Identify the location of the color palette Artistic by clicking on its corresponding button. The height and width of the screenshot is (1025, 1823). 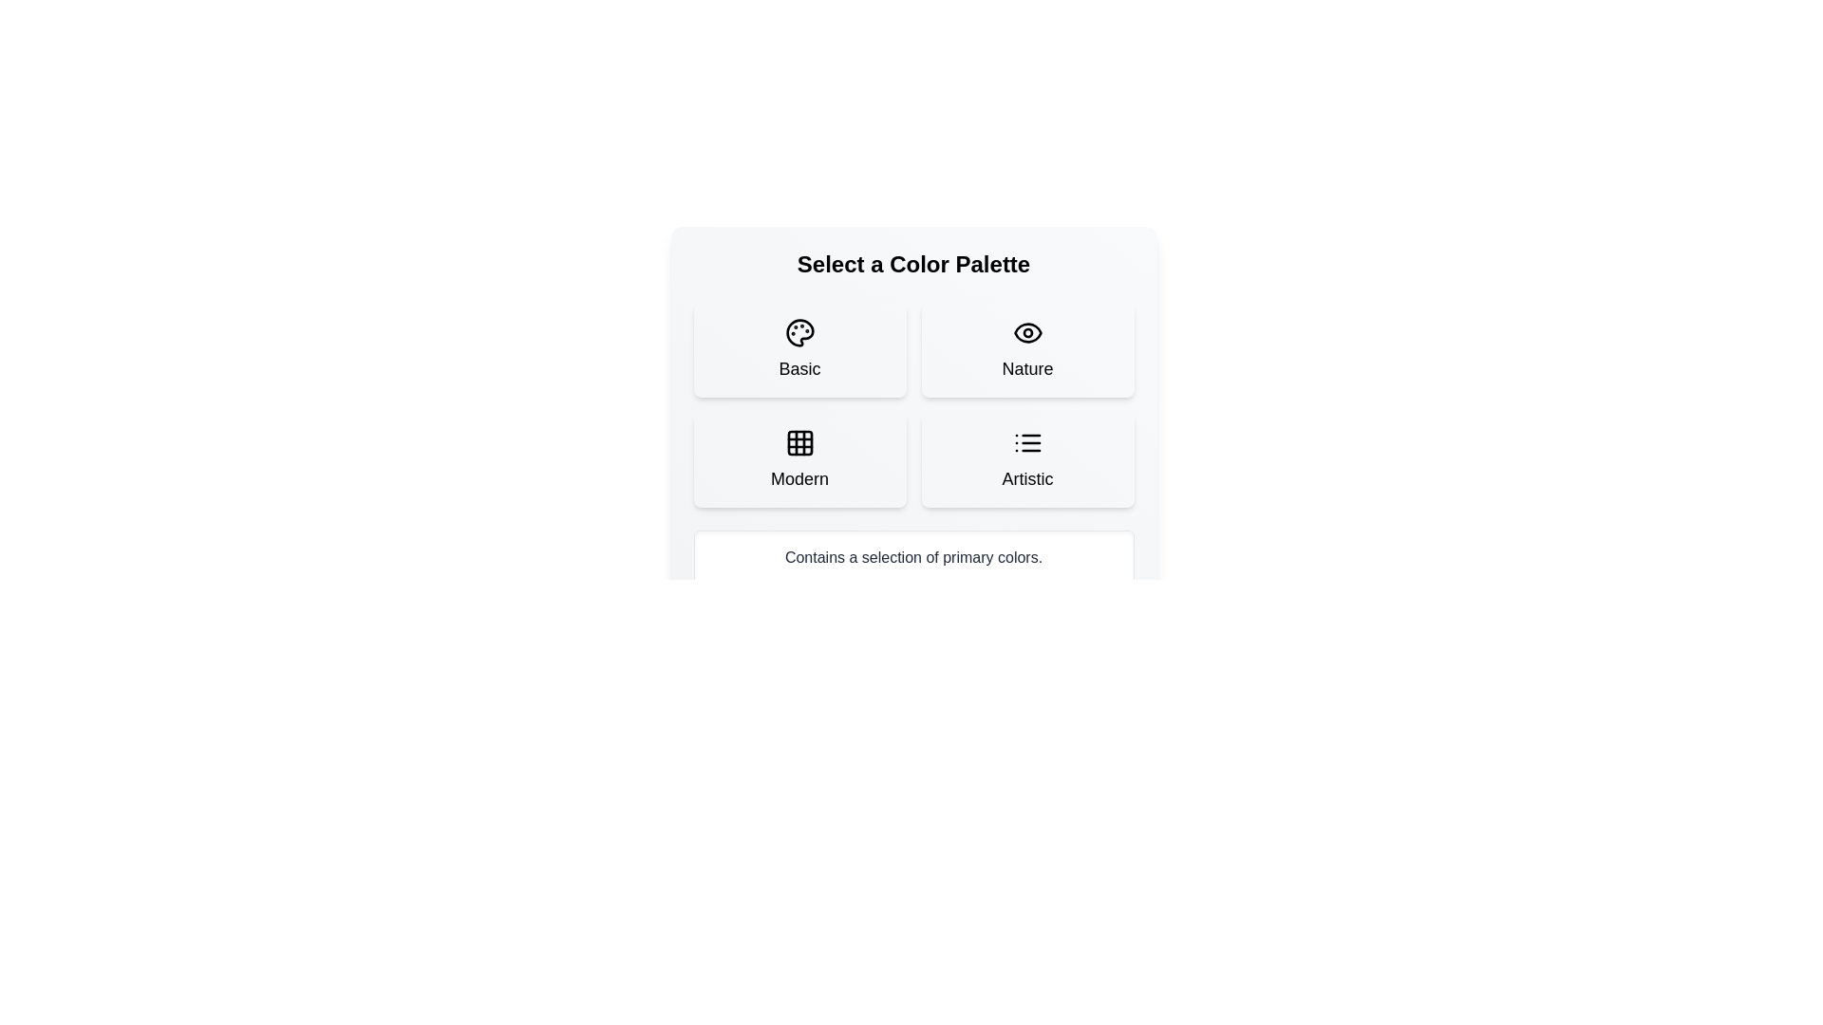
(1026, 460).